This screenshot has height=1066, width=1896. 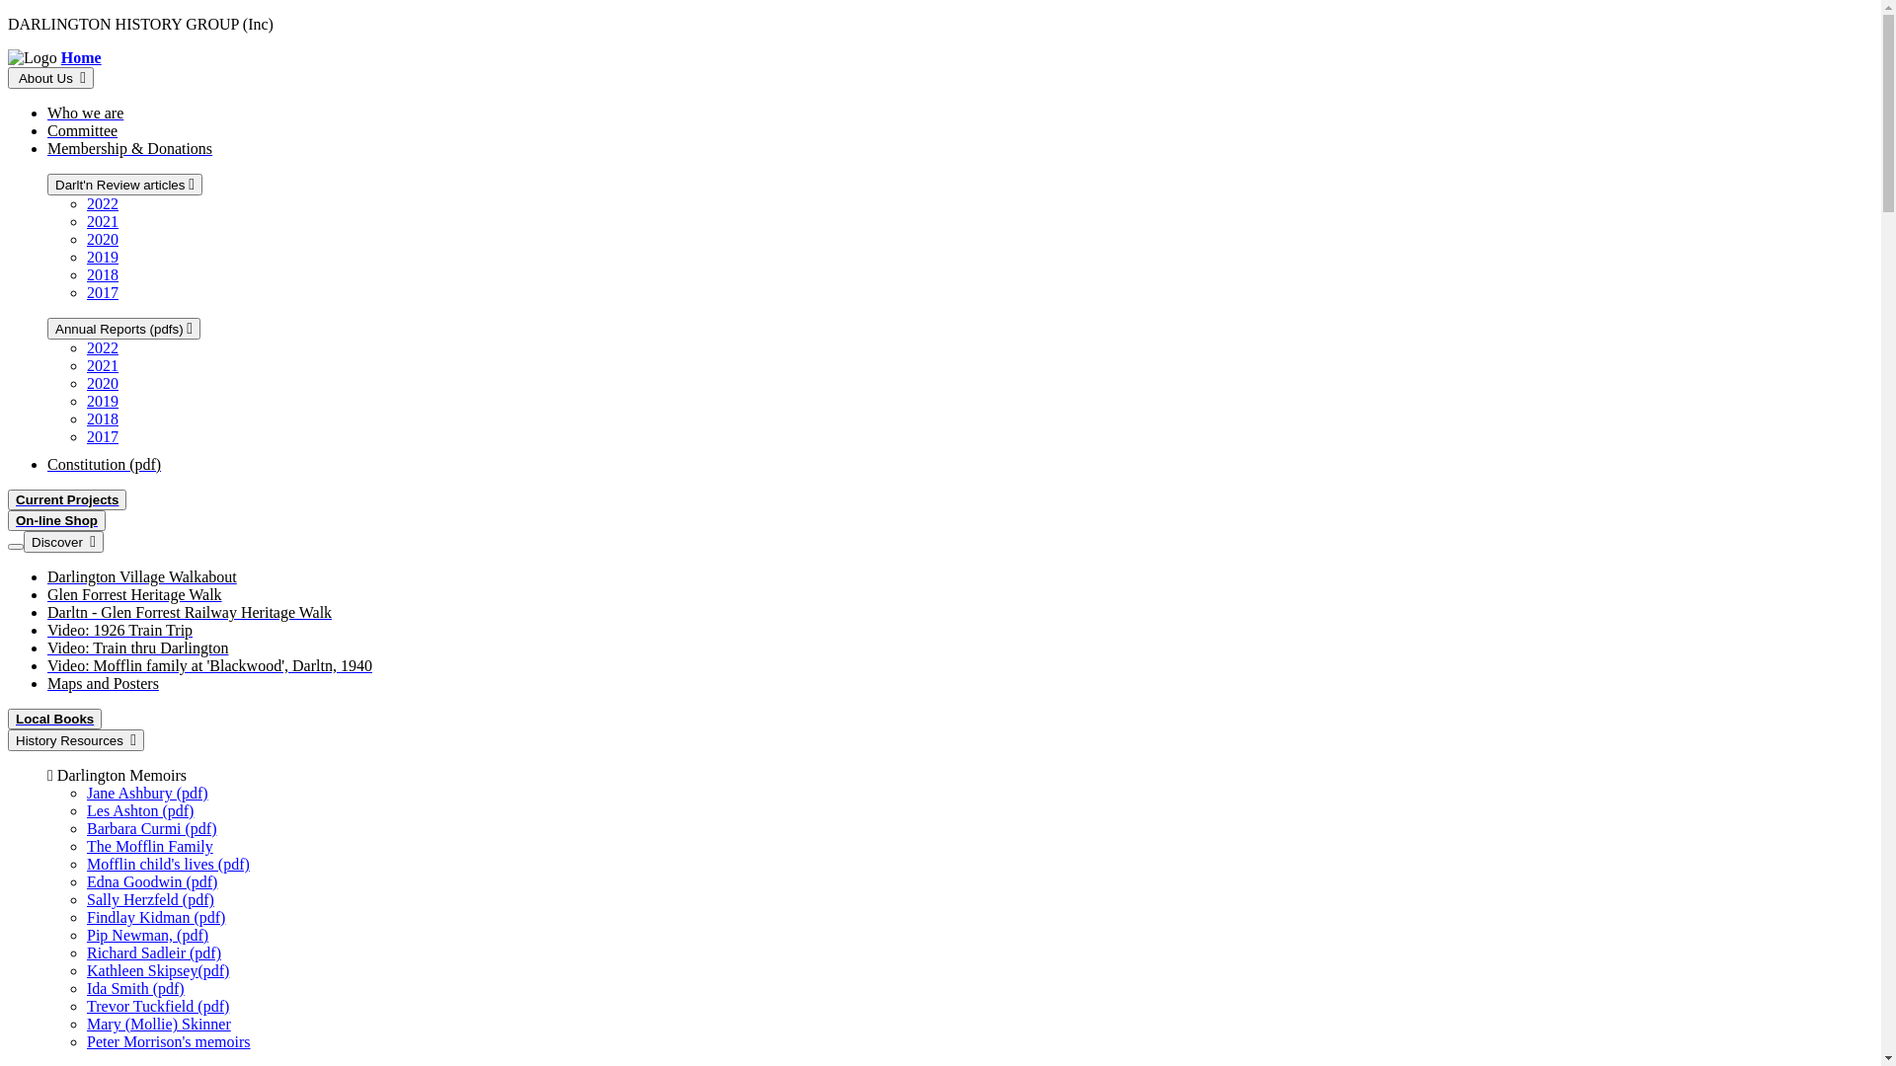 What do you see at coordinates (47, 464) in the screenshot?
I see `'Constitution (pdf)'` at bounding box center [47, 464].